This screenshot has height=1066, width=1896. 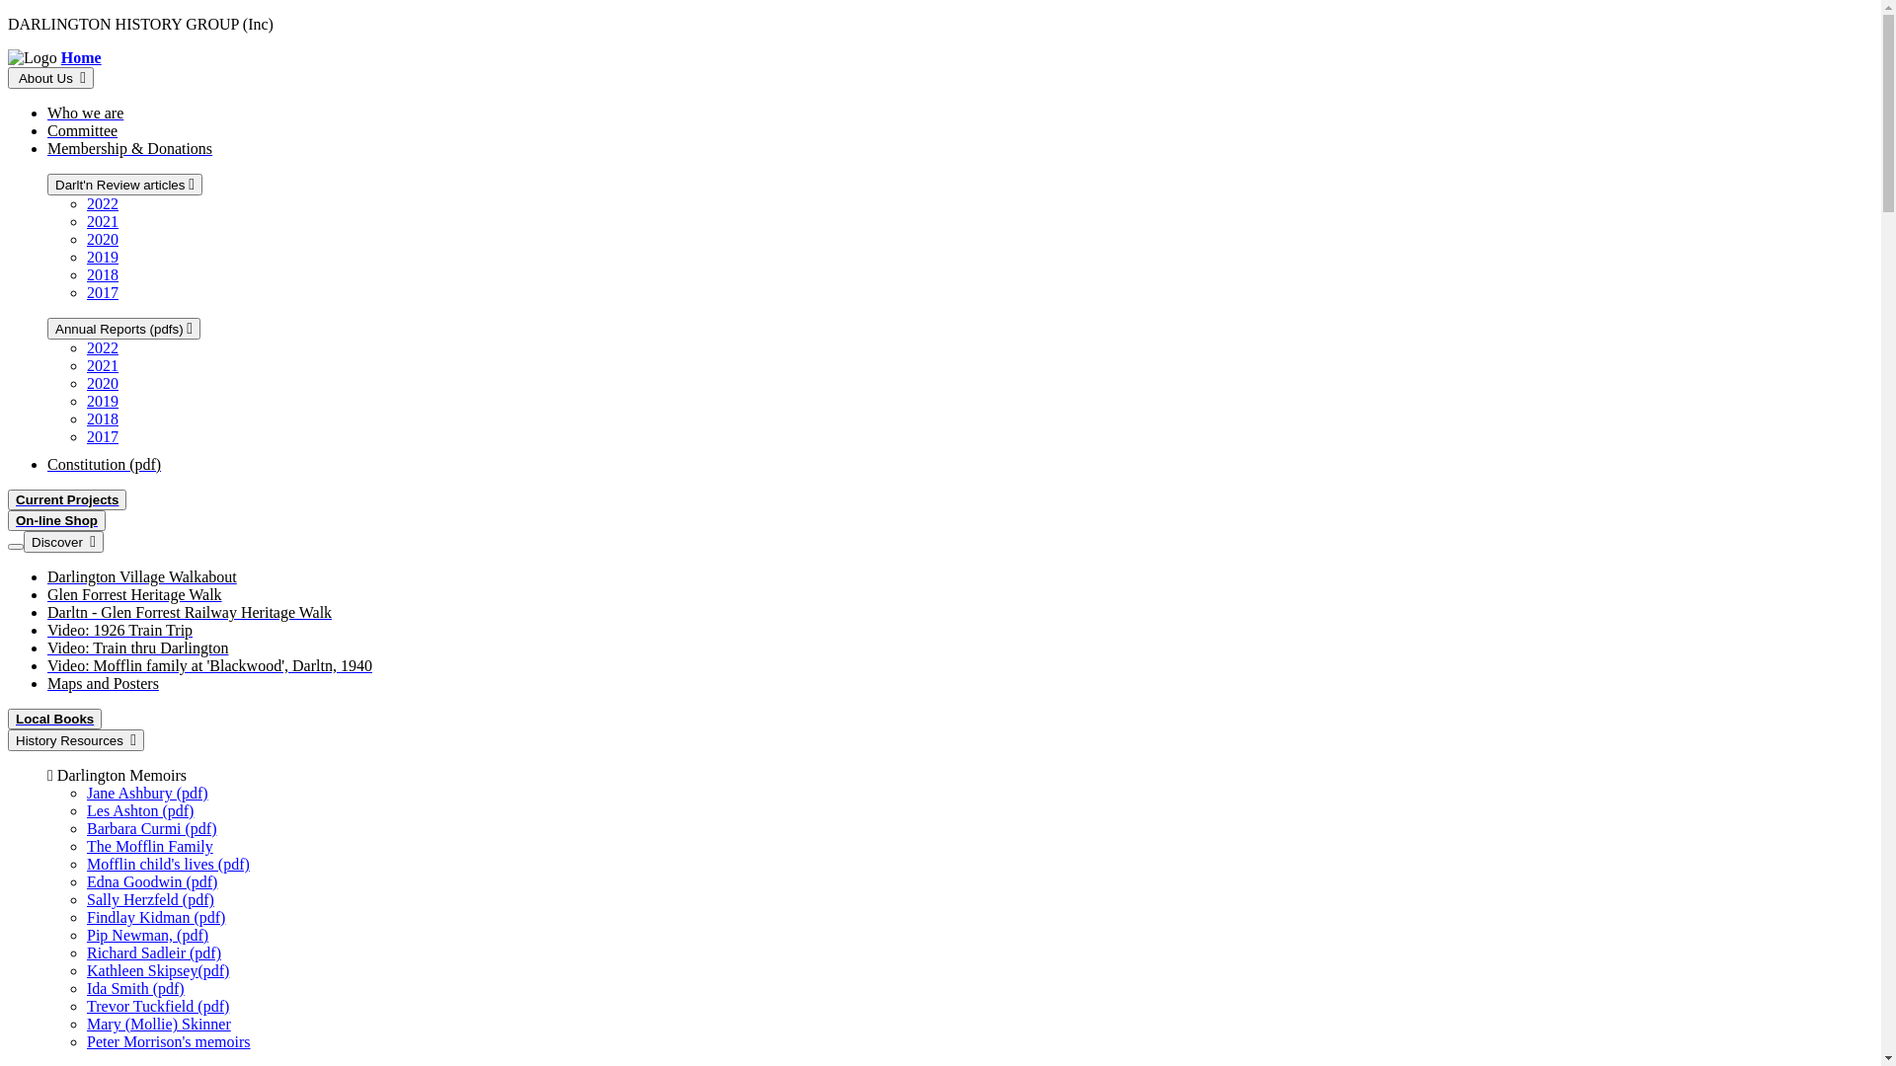 What do you see at coordinates (47, 464) in the screenshot?
I see `'Constitution (pdf)'` at bounding box center [47, 464].